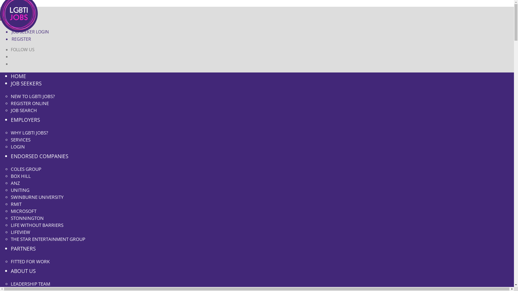  Describe the element at coordinates (23, 271) in the screenshot. I see `'ABOUT US'` at that location.